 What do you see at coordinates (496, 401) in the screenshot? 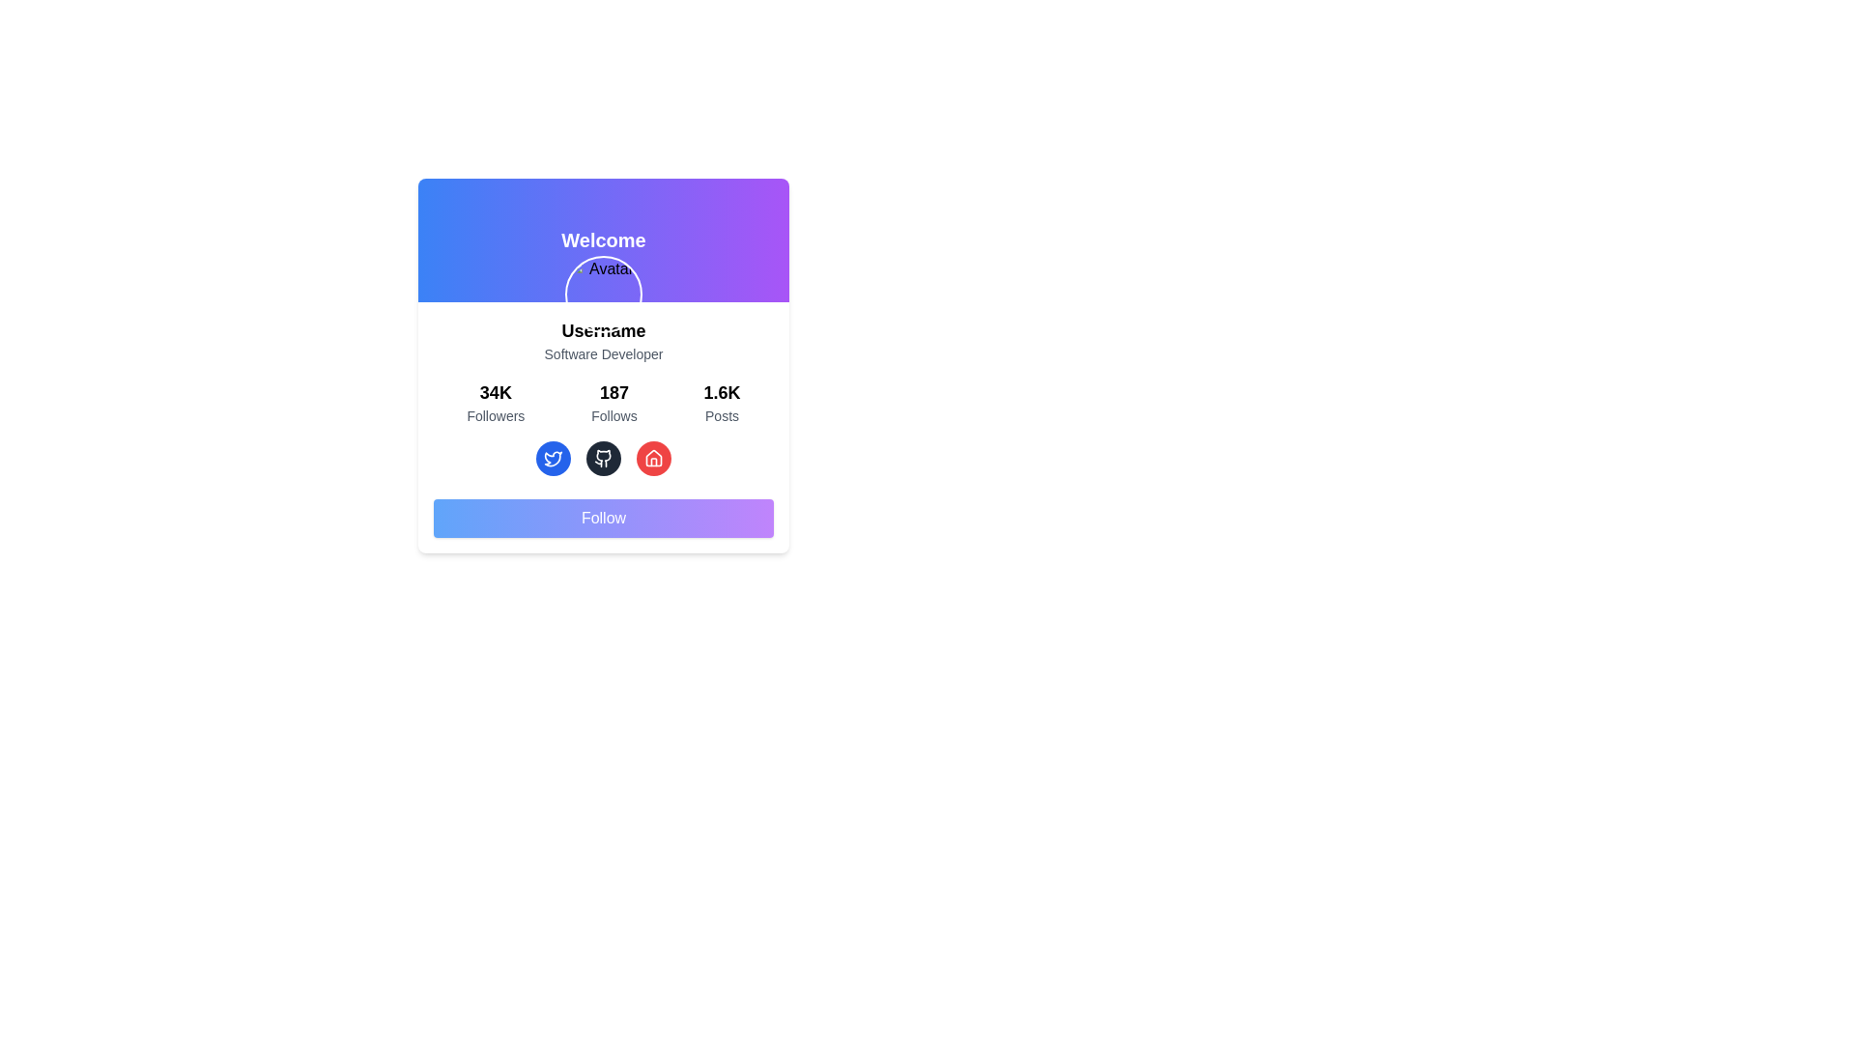
I see `the first static text block displaying '34K Followers', which is part of a vertically-stacked group of three similar components` at bounding box center [496, 401].